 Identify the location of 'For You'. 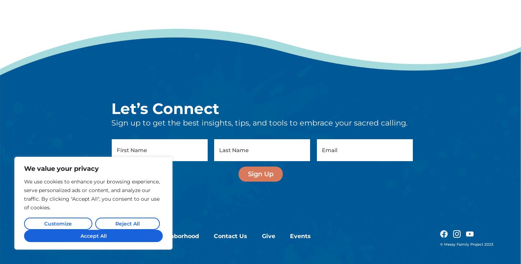
(130, 163).